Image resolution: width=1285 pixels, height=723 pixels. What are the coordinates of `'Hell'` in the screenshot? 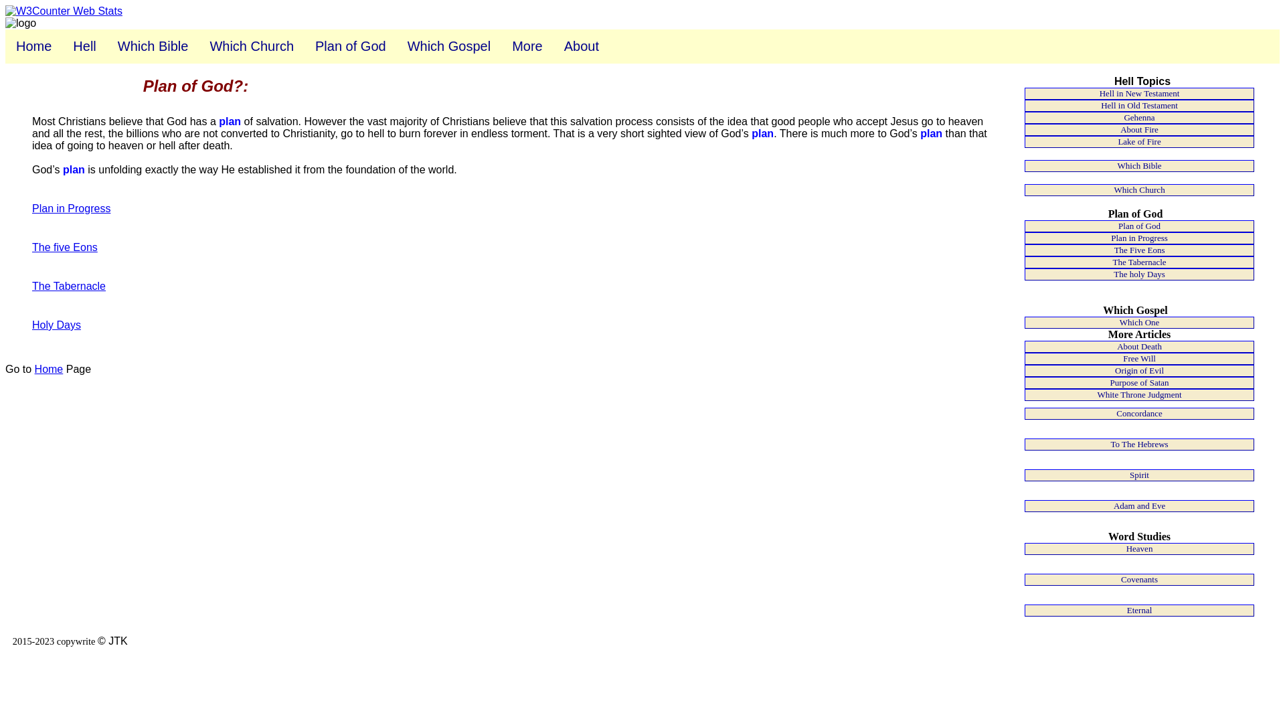 It's located at (83, 46).